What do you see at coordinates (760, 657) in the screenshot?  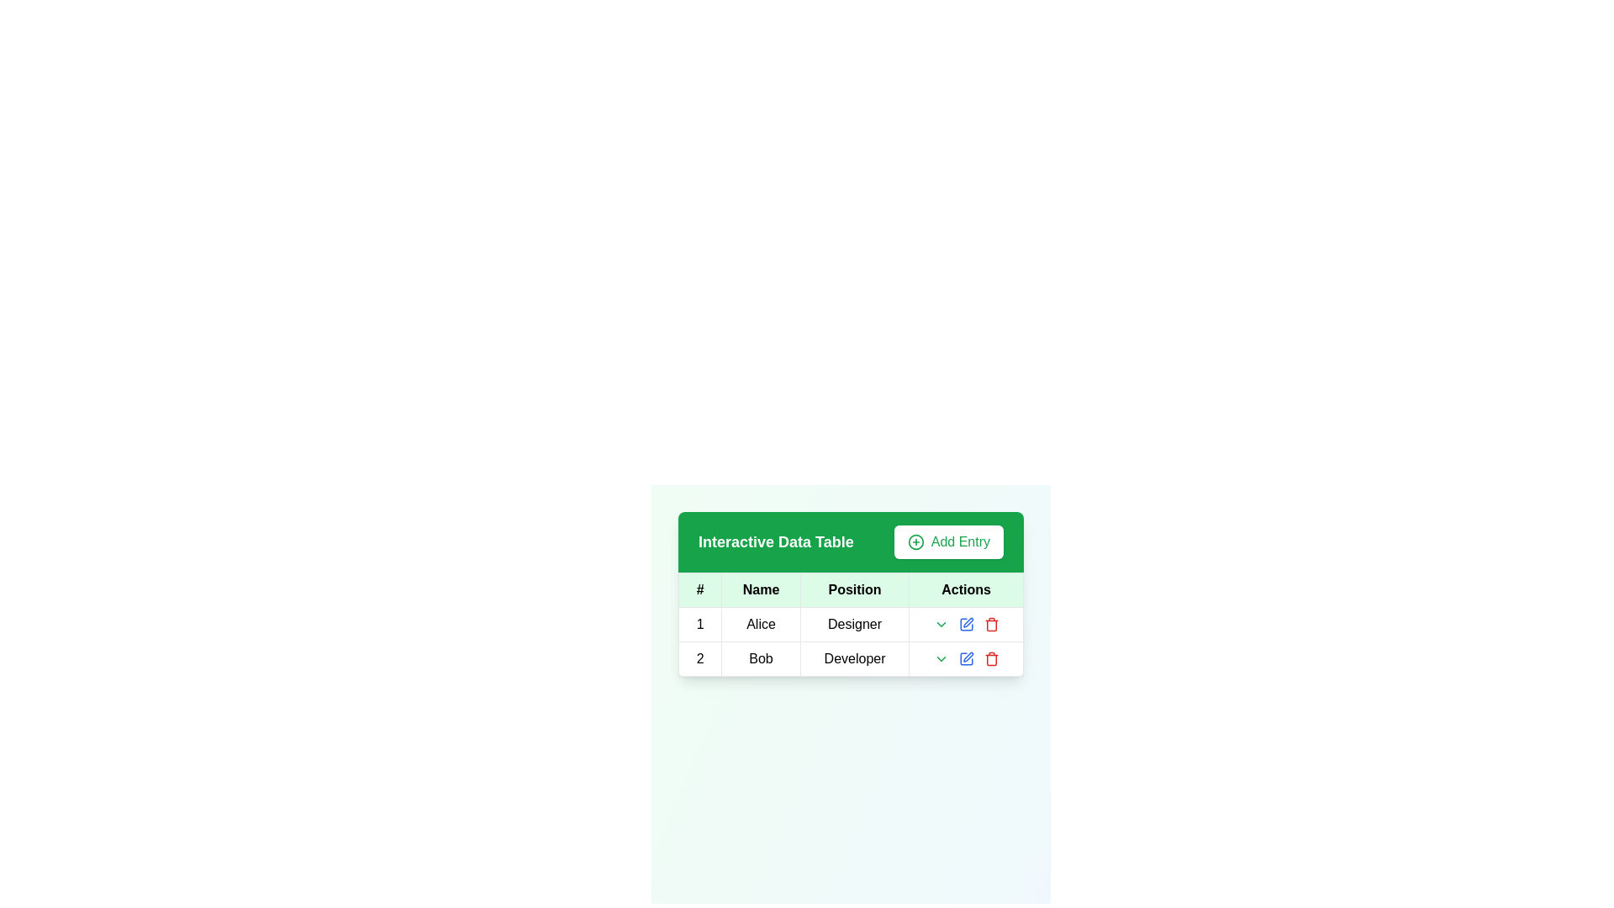 I see `the static text field representing the name entry in the second row under the 'Name' column of the 'Interactive Data Table'` at bounding box center [760, 657].